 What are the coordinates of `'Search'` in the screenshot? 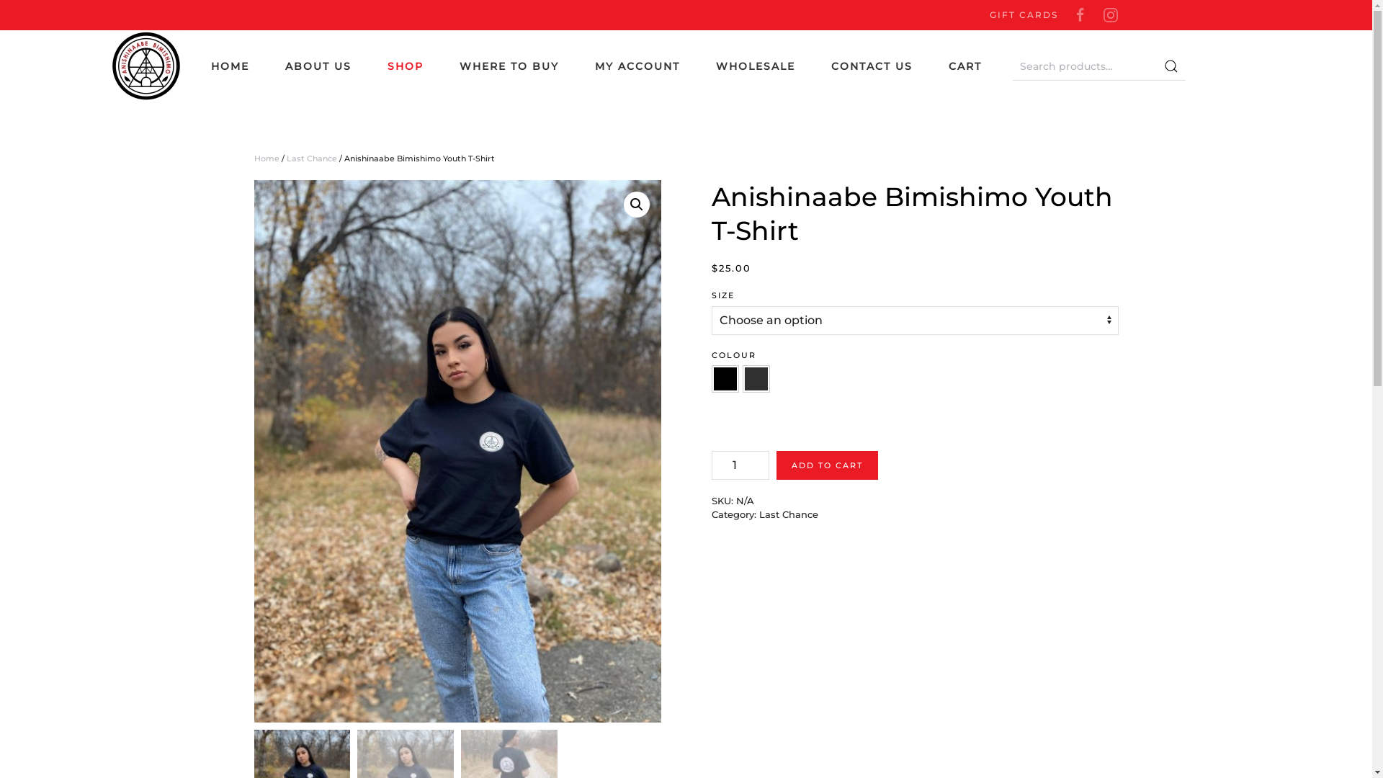 It's located at (1171, 66).